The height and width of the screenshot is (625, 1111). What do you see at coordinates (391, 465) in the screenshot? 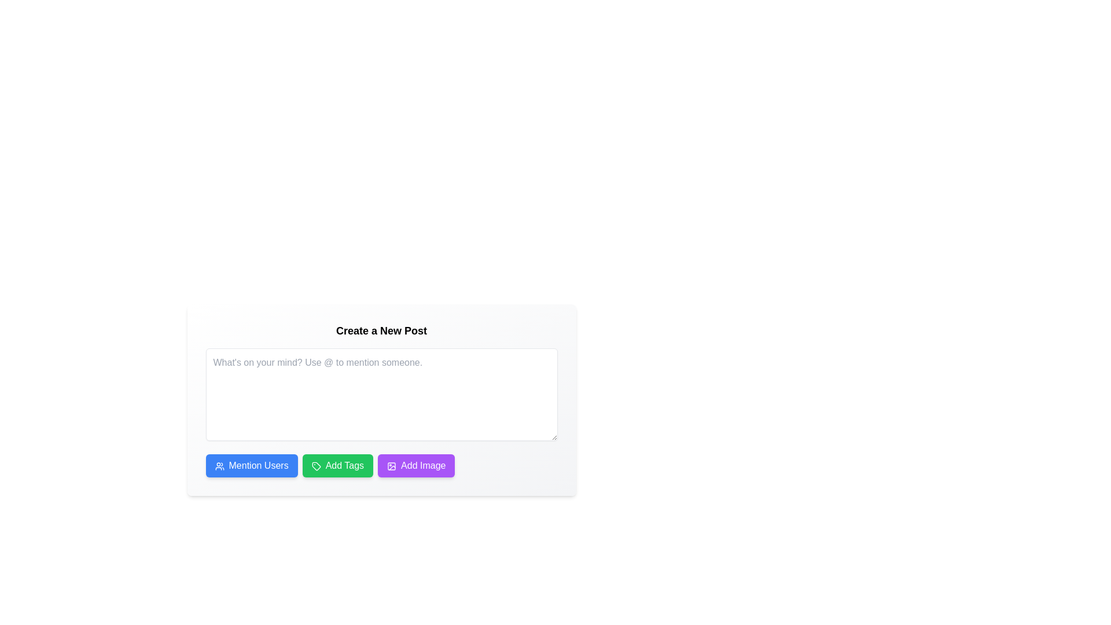
I see `the 'Add Image' button, which is the third button in a row with a purple background, located at the bottom of the form and has an icon resembling a classic photo outline to the left of the text label 'Add Image'` at bounding box center [391, 465].